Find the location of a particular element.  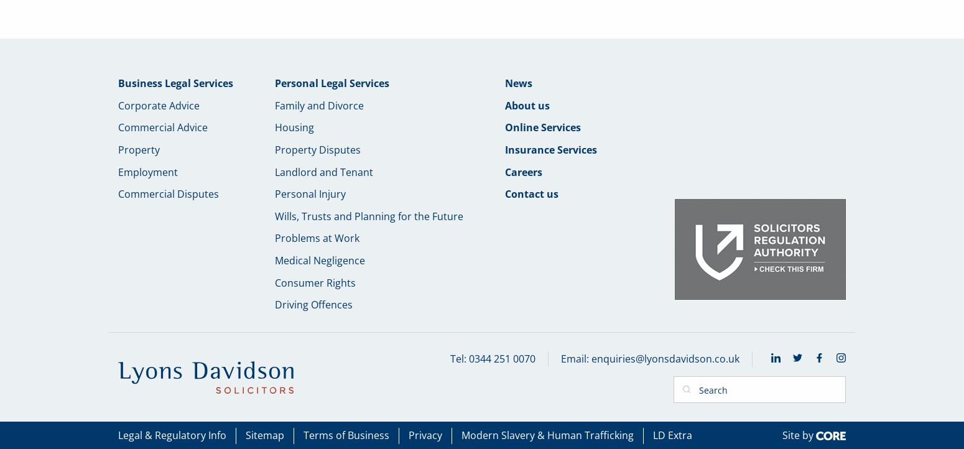

'Site by' is located at coordinates (798, 434).